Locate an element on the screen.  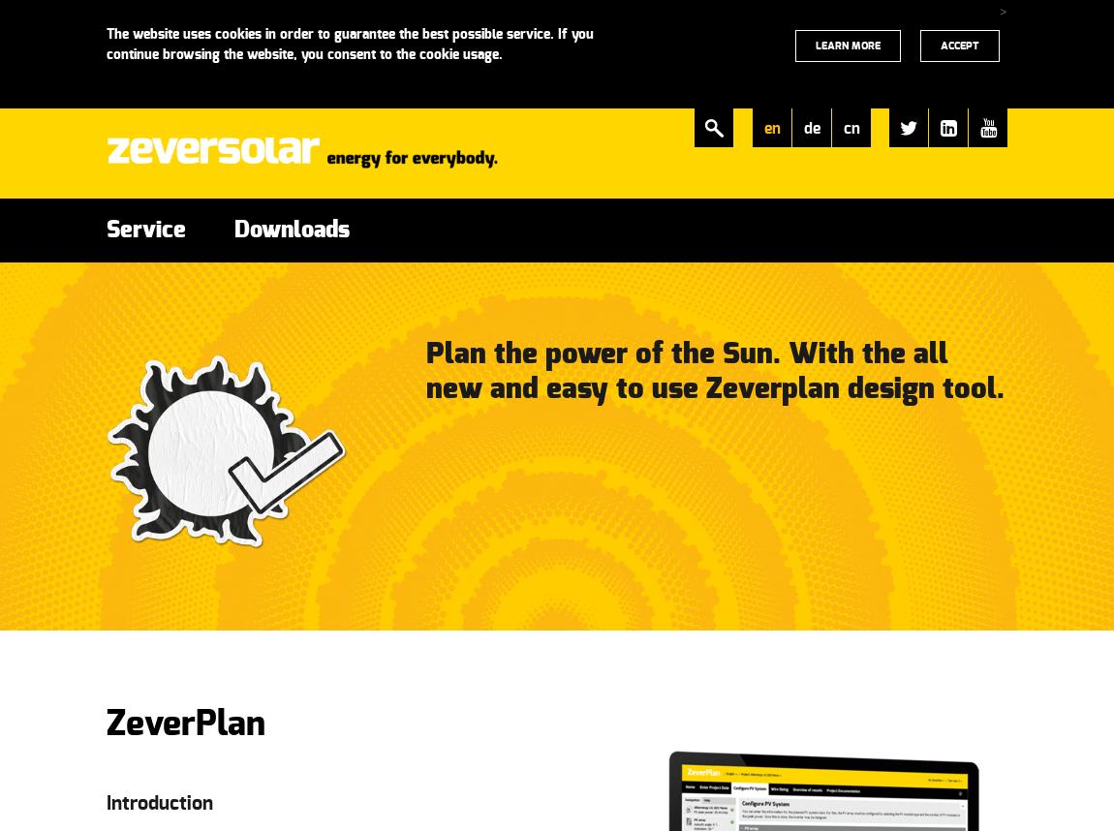
'Downloads' is located at coordinates (292, 230).